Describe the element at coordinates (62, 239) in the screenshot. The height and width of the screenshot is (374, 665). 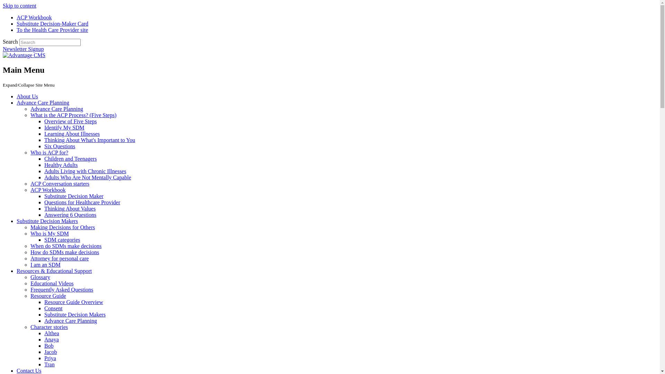
I see `'SDM categories'` at that location.